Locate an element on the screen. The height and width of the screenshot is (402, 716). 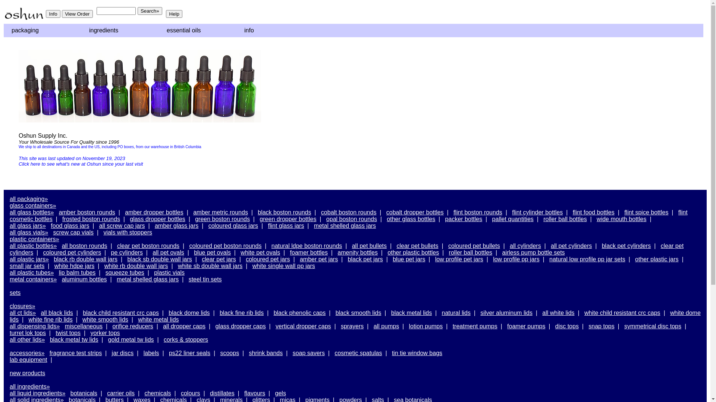
'flint spice bottles' is located at coordinates (646, 212).